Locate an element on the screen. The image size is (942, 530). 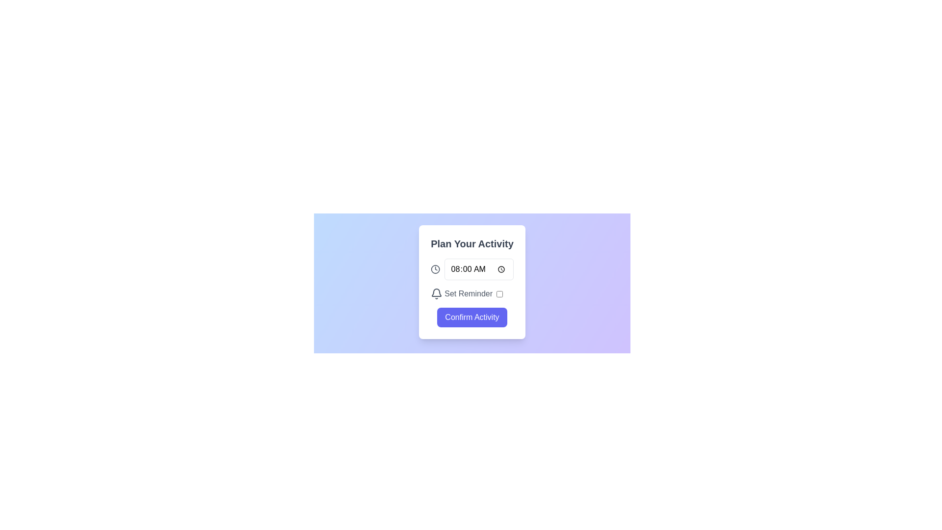
the bell icon indicating notification functionality, which is positioned to the left of the 'Set Reminder' text is located at coordinates (436, 293).